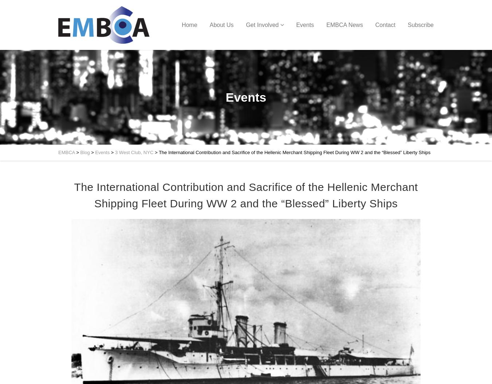 Image resolution: width=492 pixels, height=384 pixels. I want to click on 'EMBCA News', so click(344, 24).